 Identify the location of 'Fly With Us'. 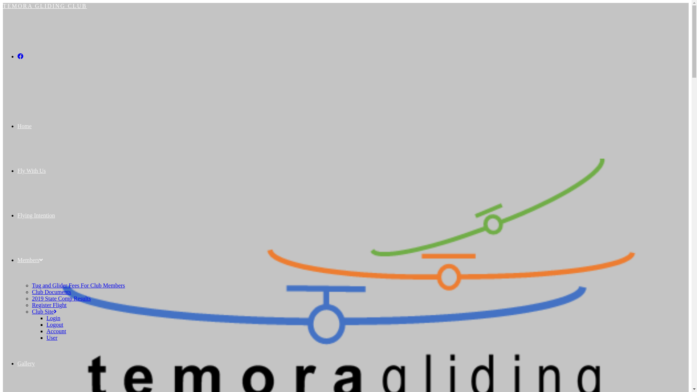
(31, 171).